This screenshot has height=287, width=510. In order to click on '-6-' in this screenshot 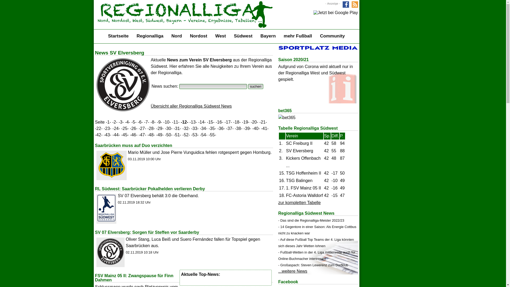, I will do `click(140, 122)`.